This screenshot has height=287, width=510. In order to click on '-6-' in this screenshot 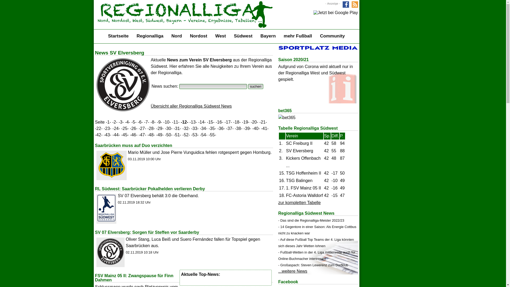, I will do `click(140, 122)`.